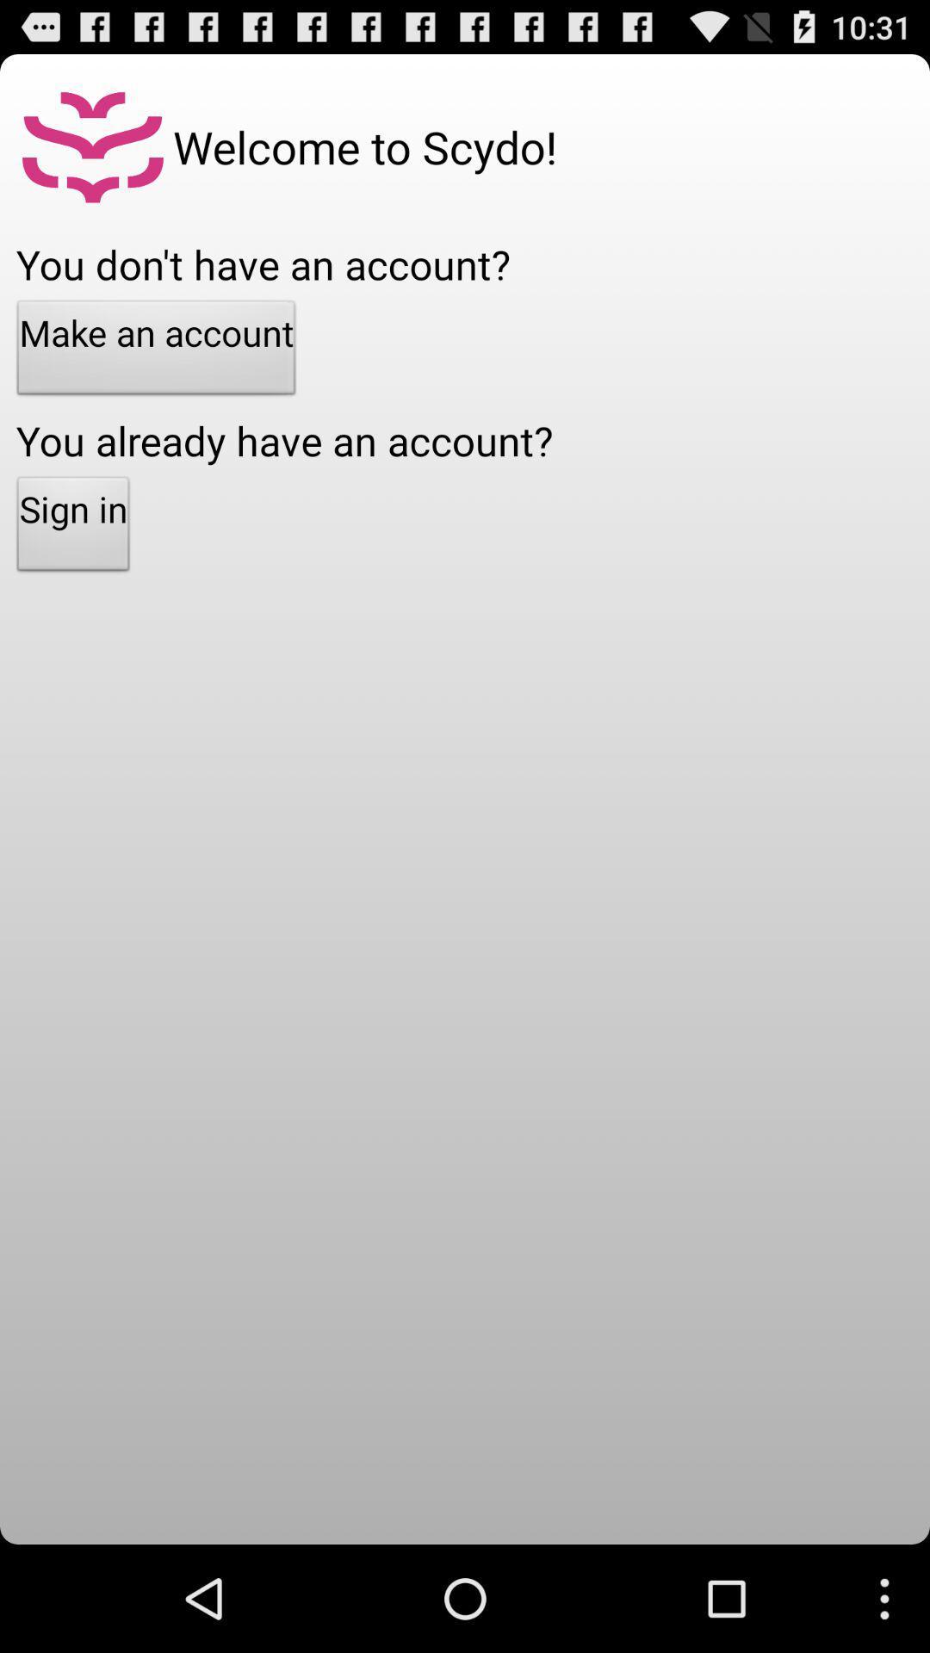  I want to click on sign in icon, so click(72, 528).